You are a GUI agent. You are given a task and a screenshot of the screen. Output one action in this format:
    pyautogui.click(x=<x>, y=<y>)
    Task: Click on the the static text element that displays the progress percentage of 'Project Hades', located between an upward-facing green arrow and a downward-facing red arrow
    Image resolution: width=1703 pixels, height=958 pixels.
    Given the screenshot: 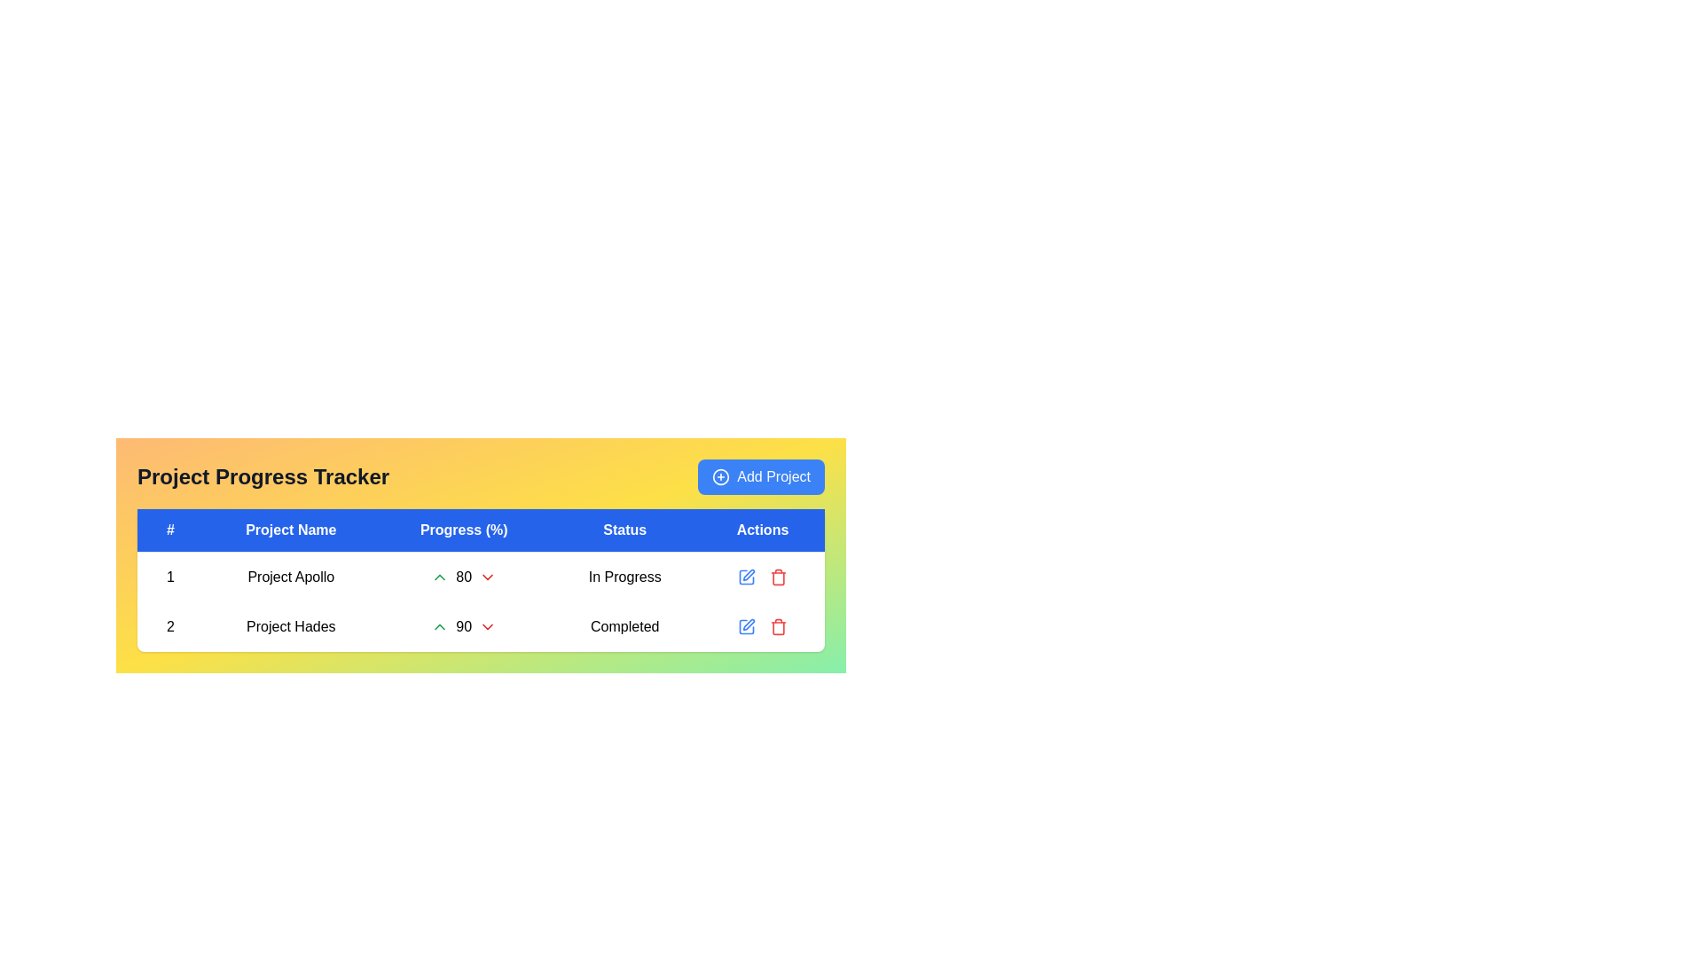 What is the action you would take?
    pyautogui.click(x=464, y=625)
    